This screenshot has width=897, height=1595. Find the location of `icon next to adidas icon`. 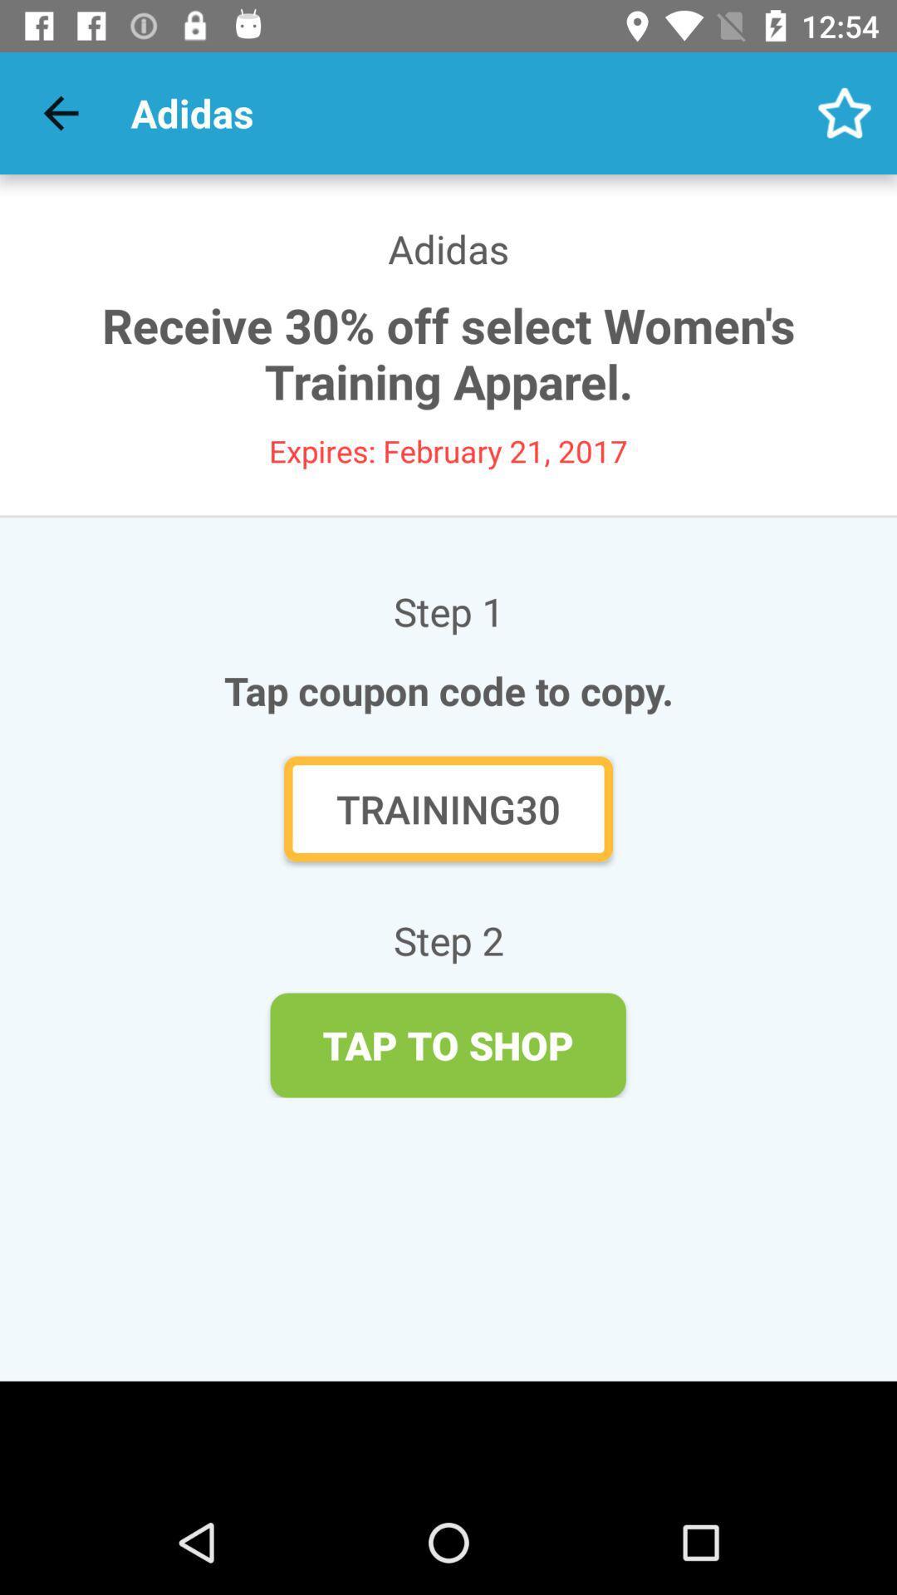

icon next to adidas icon is located at coordinates (845, 112).